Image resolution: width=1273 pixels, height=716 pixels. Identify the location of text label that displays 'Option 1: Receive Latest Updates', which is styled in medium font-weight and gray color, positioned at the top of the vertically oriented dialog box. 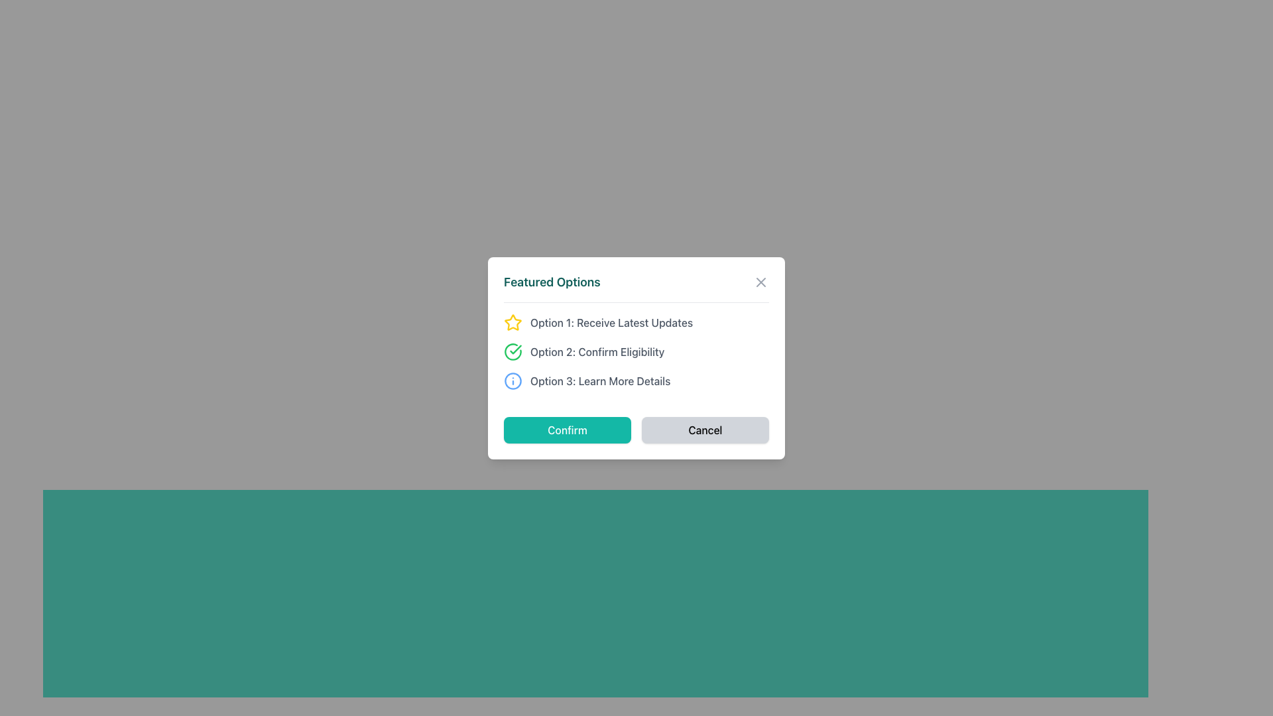
(611, 322).